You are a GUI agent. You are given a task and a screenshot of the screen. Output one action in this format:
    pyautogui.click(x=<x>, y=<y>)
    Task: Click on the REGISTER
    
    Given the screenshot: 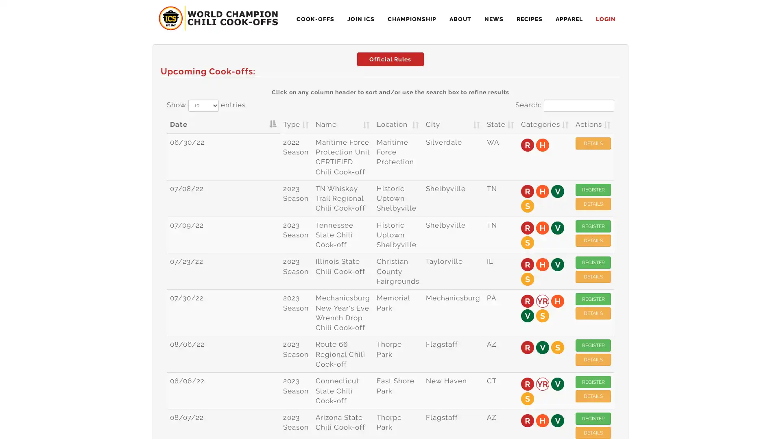 What is the action you would take?
    pyautogui.click(x=593, y=345)
    